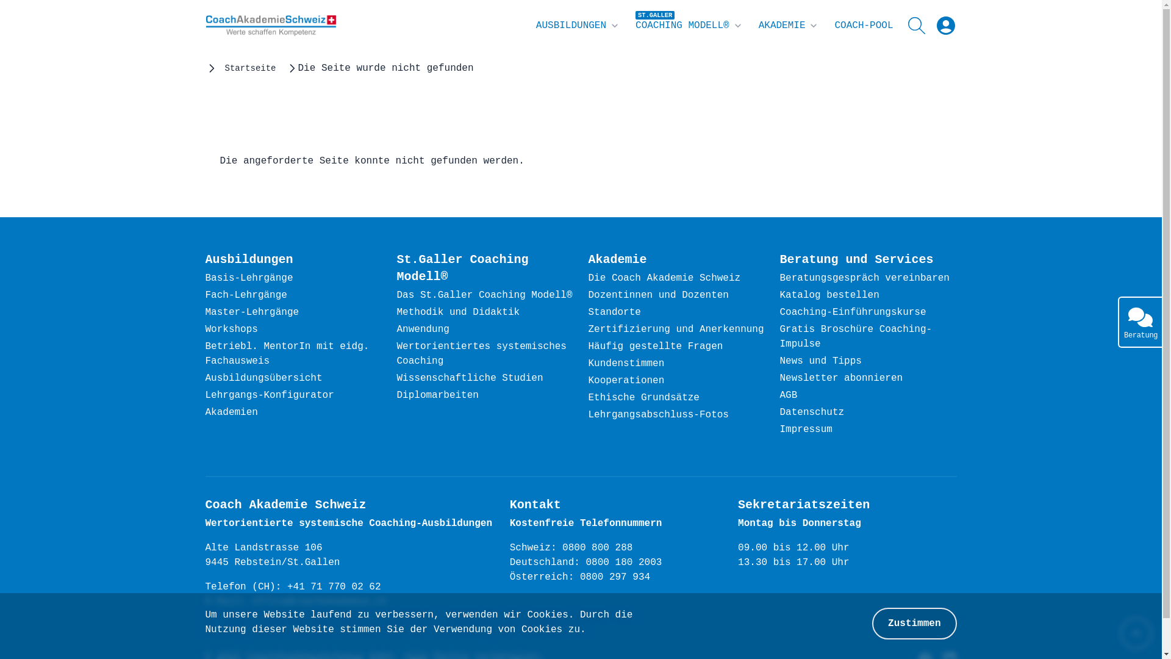 The width and height of the screenshot is (1171, 659). What do you see at coordinates (614, 312) in the screenshot?
I see `'Standorte'` at bounding box center [614, 312].